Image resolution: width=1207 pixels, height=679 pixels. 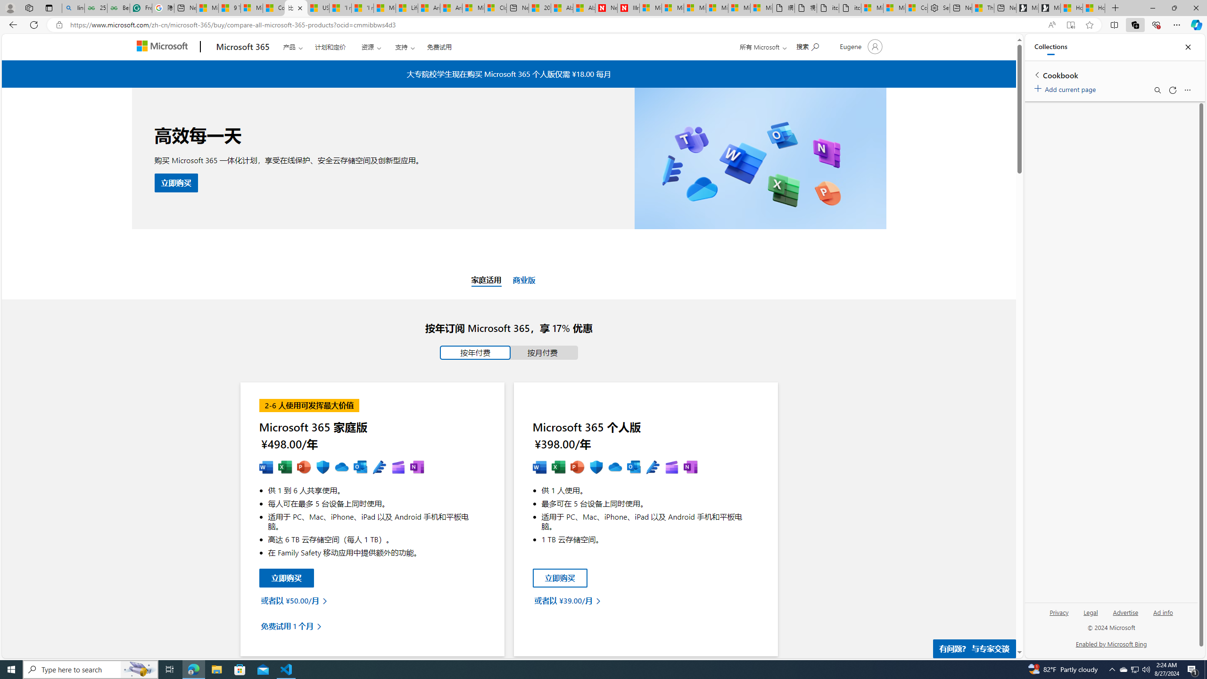 I want to click on 'Lifestyle - MSN', so click(x=407, y=8).